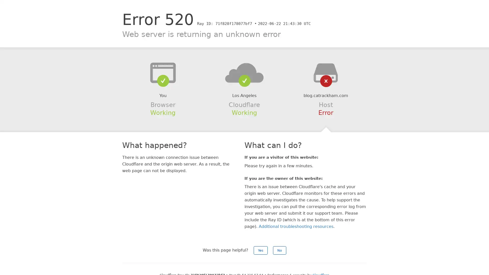  I want to click on No, so click(279, 250).